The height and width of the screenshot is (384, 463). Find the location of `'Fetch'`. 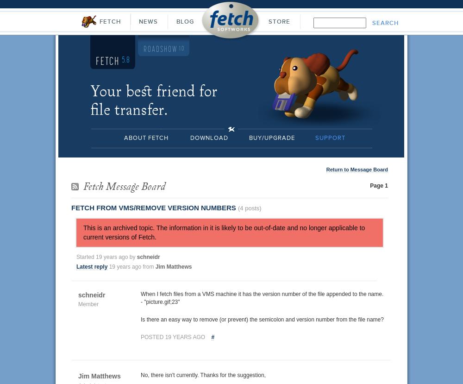

'Fetch' is located at coordinates (108, 61).